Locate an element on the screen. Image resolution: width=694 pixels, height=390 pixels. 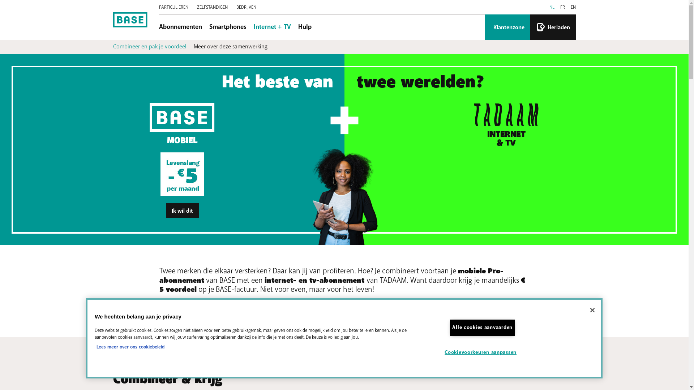
'NL' is located at coordinates (551, 7).